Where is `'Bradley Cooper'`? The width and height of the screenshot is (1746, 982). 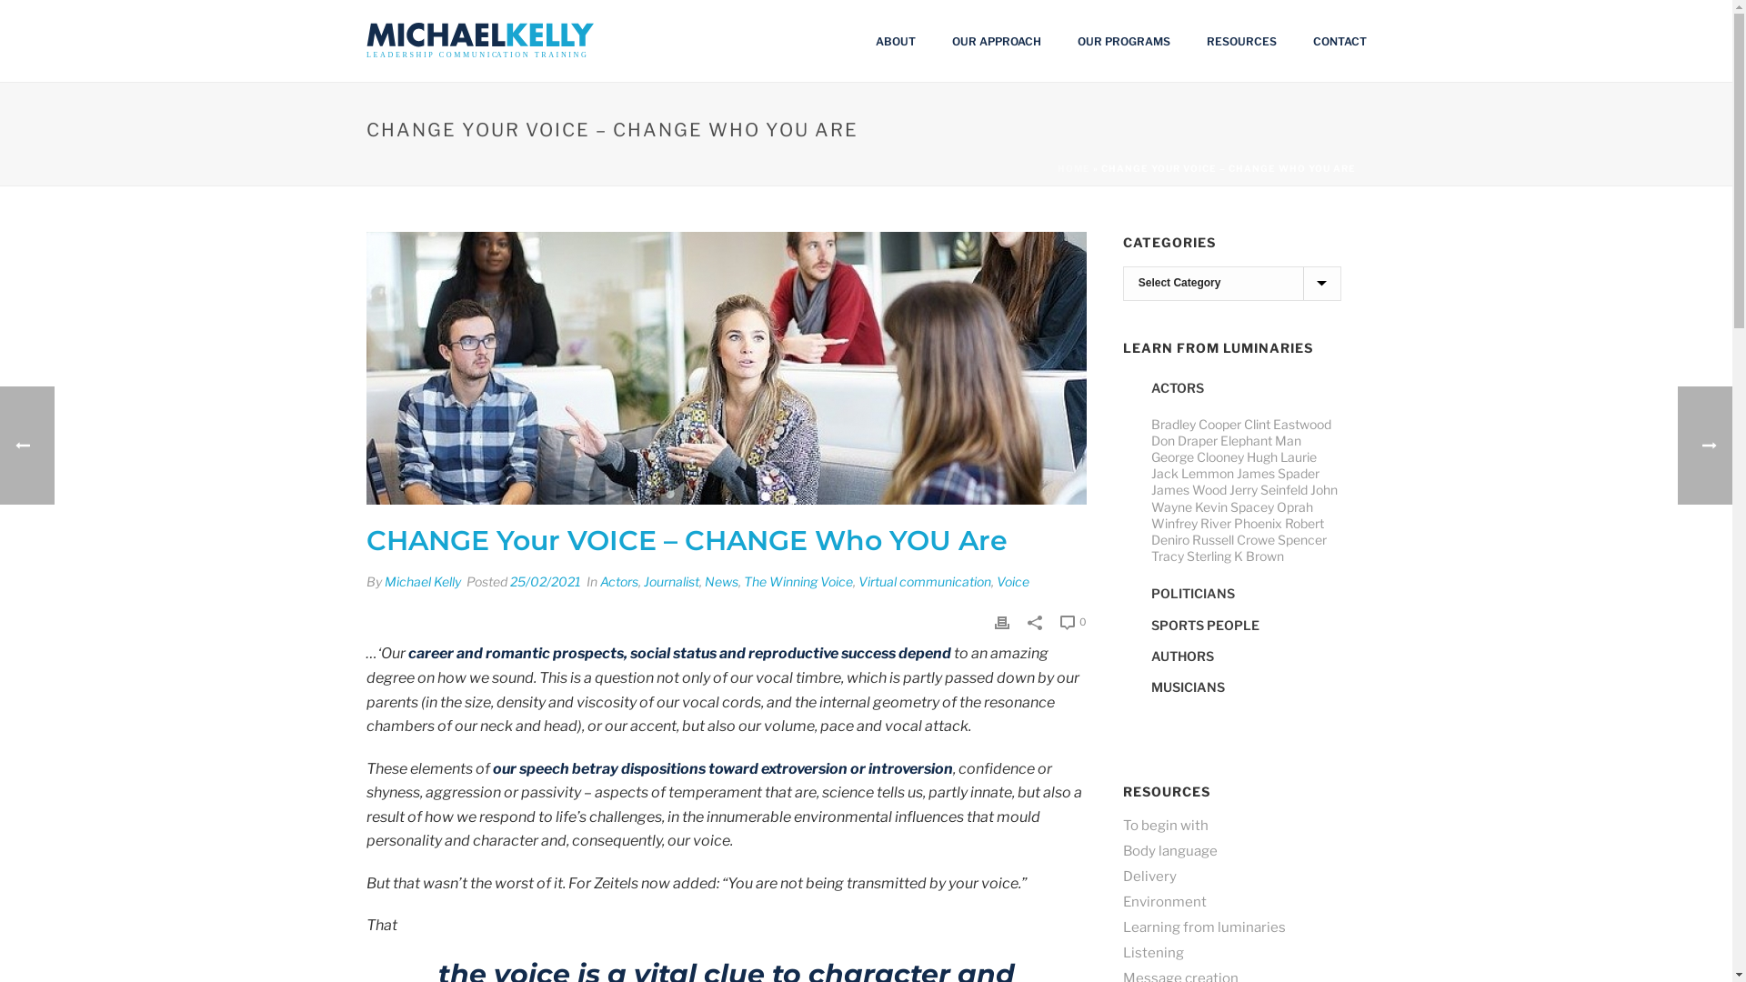
'Bradley Cooper' is located at coordinates (1196, 424).